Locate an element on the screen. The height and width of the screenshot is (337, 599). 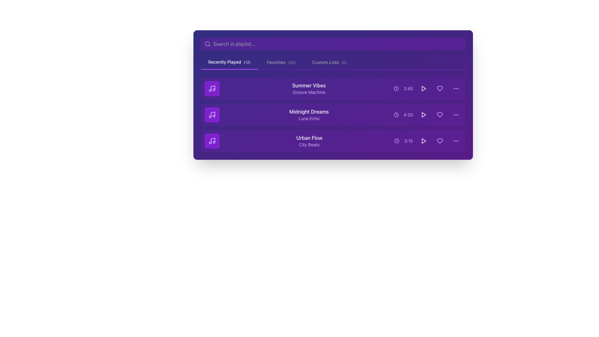
the heart icon button located to the right of the '3:15' timestamp in the 'Urban Flow' playlist to mark the item as liked or added to favorites is located at coordinates (439, 141).